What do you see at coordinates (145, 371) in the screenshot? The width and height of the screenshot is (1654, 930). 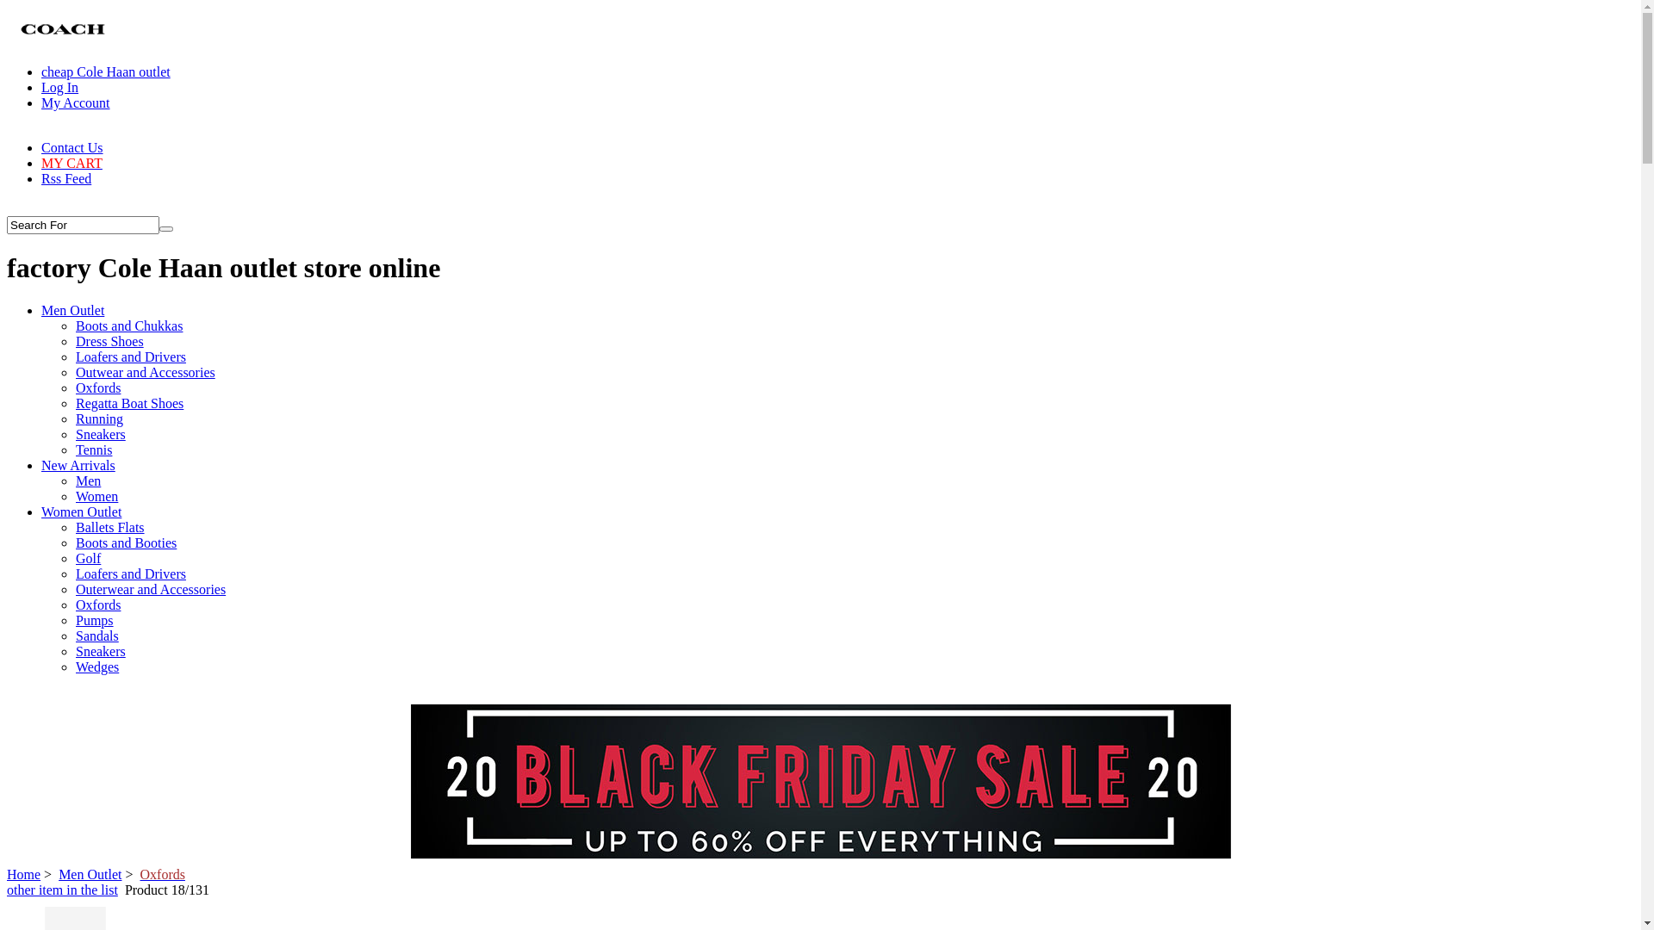 I see `'Outwear and Accessories'` at bounding box center [145, 371].